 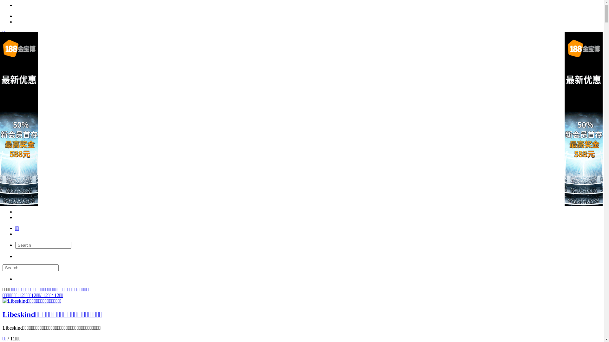 What do you see at coordinates (43, 245) in the screenshot?
I see `'Search'` at bounding box center [43, 245].